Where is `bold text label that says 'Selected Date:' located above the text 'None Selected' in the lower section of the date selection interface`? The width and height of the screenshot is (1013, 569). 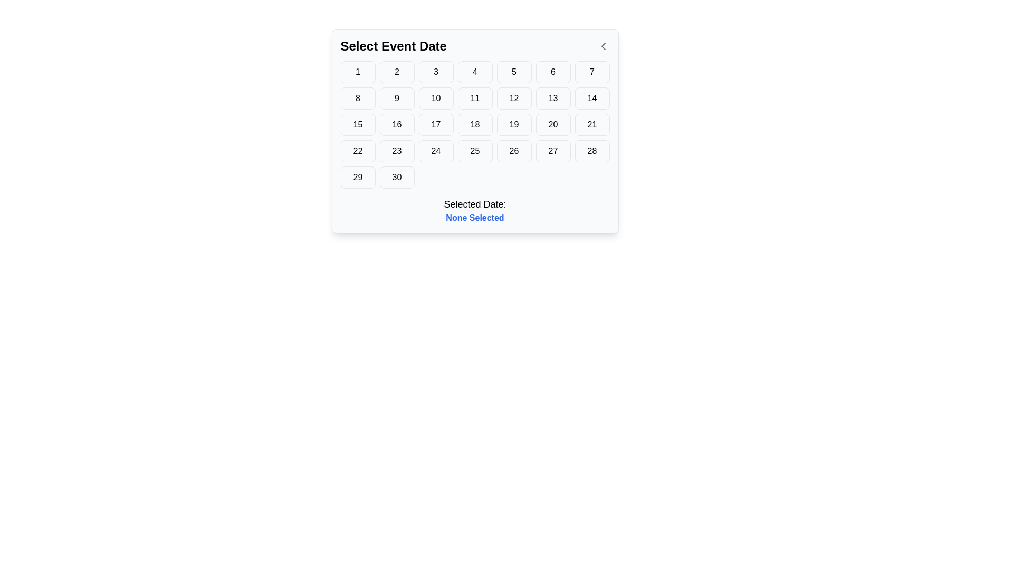
bold text label that says 'Selected Date:' located above the text 'None Selected' in the lower section of the date selection interface is located at coordinates (474, 204).